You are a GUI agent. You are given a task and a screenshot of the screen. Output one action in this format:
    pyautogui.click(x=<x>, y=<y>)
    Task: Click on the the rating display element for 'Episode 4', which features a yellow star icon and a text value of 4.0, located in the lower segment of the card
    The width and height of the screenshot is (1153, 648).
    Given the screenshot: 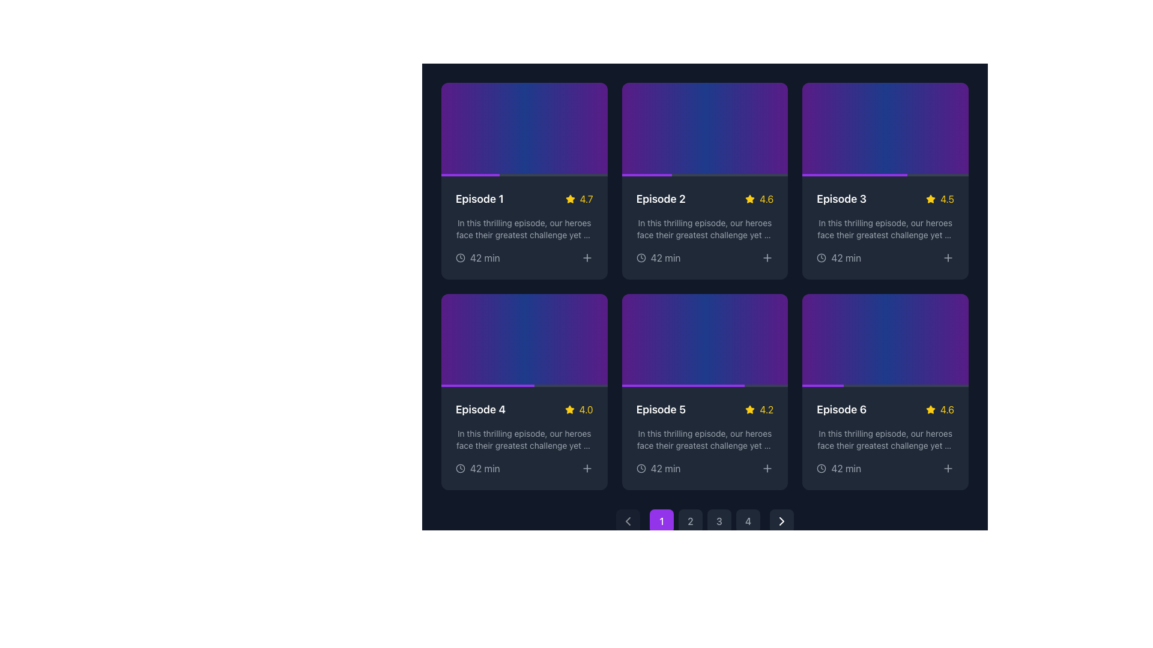 What is the action you would take?
    pyautogui.click(x=579, y=409)
    